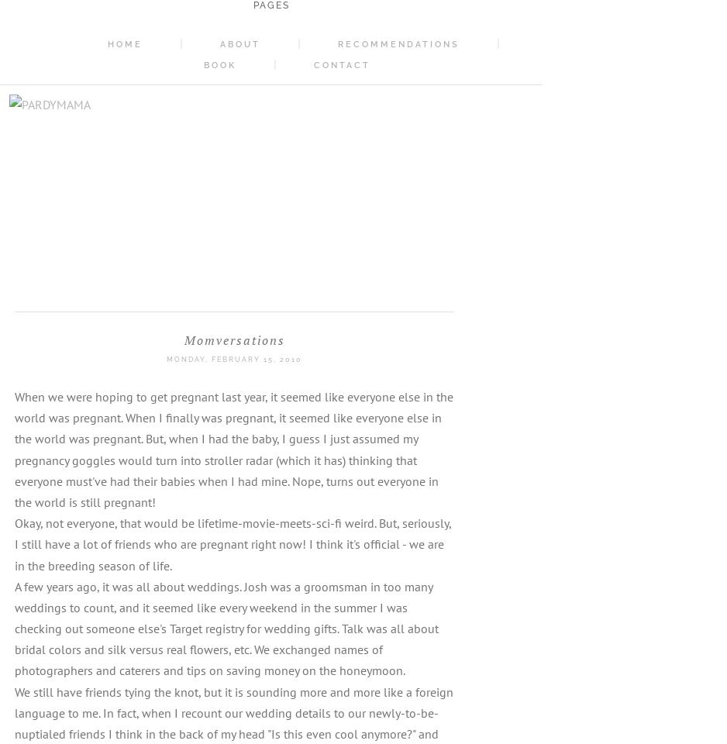  I want to click on 'Book', so click(202, 65).